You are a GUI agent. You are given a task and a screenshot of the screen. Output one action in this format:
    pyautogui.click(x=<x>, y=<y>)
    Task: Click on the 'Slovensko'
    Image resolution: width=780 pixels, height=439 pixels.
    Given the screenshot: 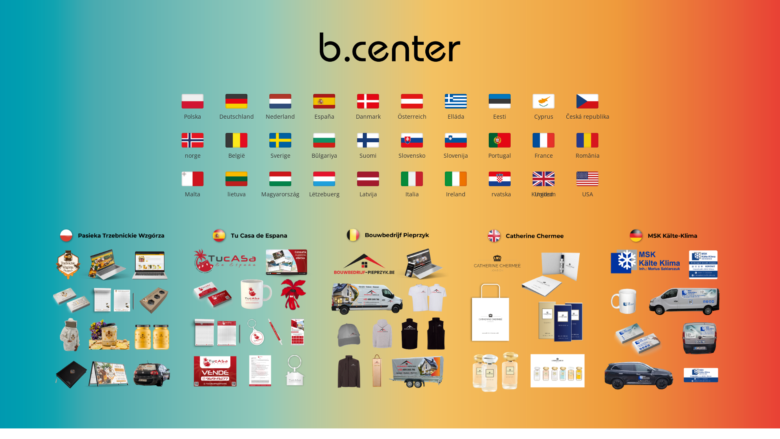 What is the action you would take?
    pyautogui.click(x=398, y=155)
    